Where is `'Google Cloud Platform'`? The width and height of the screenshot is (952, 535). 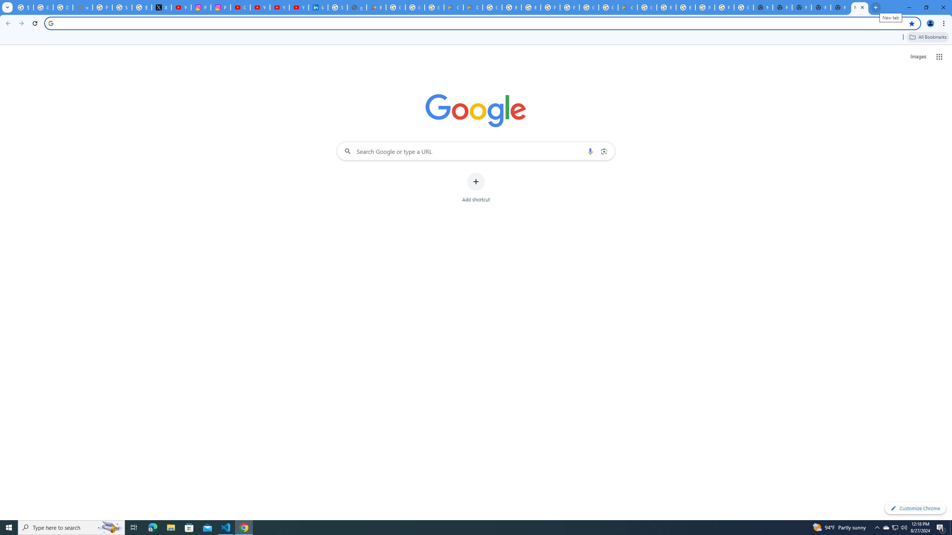 'Google Cloud Platform' is located at coordinates (608, 7).